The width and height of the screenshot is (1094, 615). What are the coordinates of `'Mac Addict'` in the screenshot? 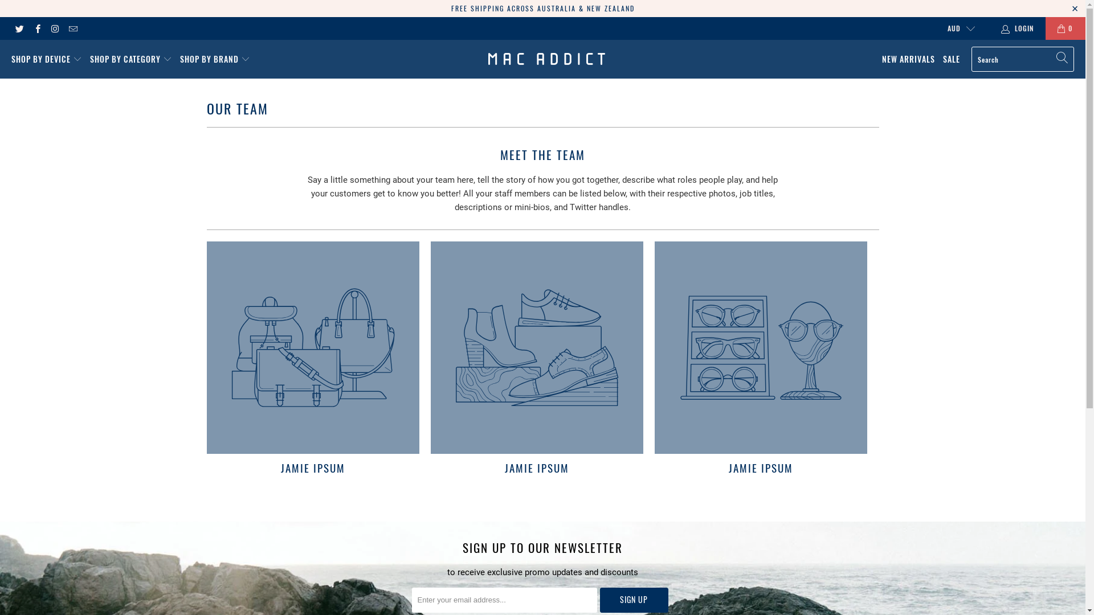 It's located at (546, 59).